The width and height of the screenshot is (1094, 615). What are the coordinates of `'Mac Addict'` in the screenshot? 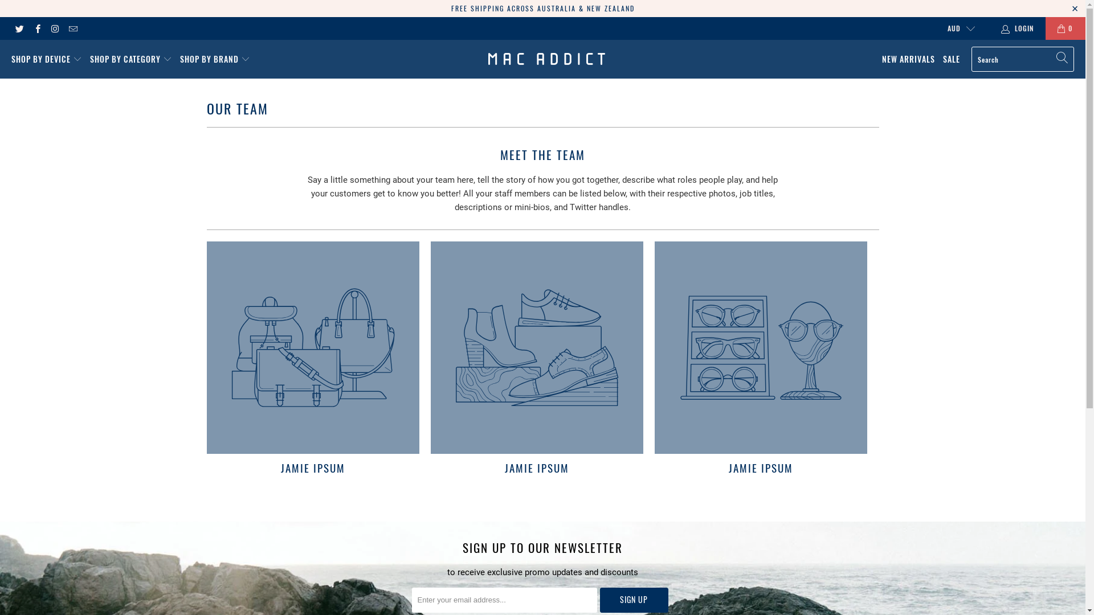 It's located at (546, 59).